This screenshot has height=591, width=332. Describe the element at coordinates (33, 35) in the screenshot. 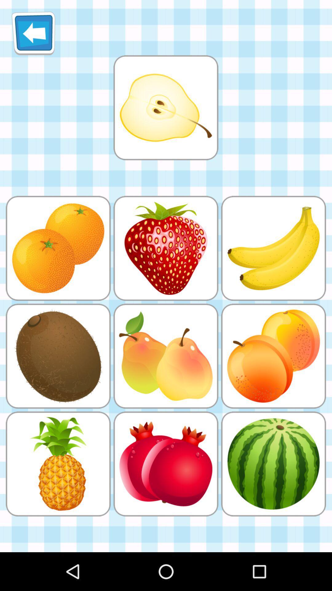

I see `the arrow_backward icon` at that location.